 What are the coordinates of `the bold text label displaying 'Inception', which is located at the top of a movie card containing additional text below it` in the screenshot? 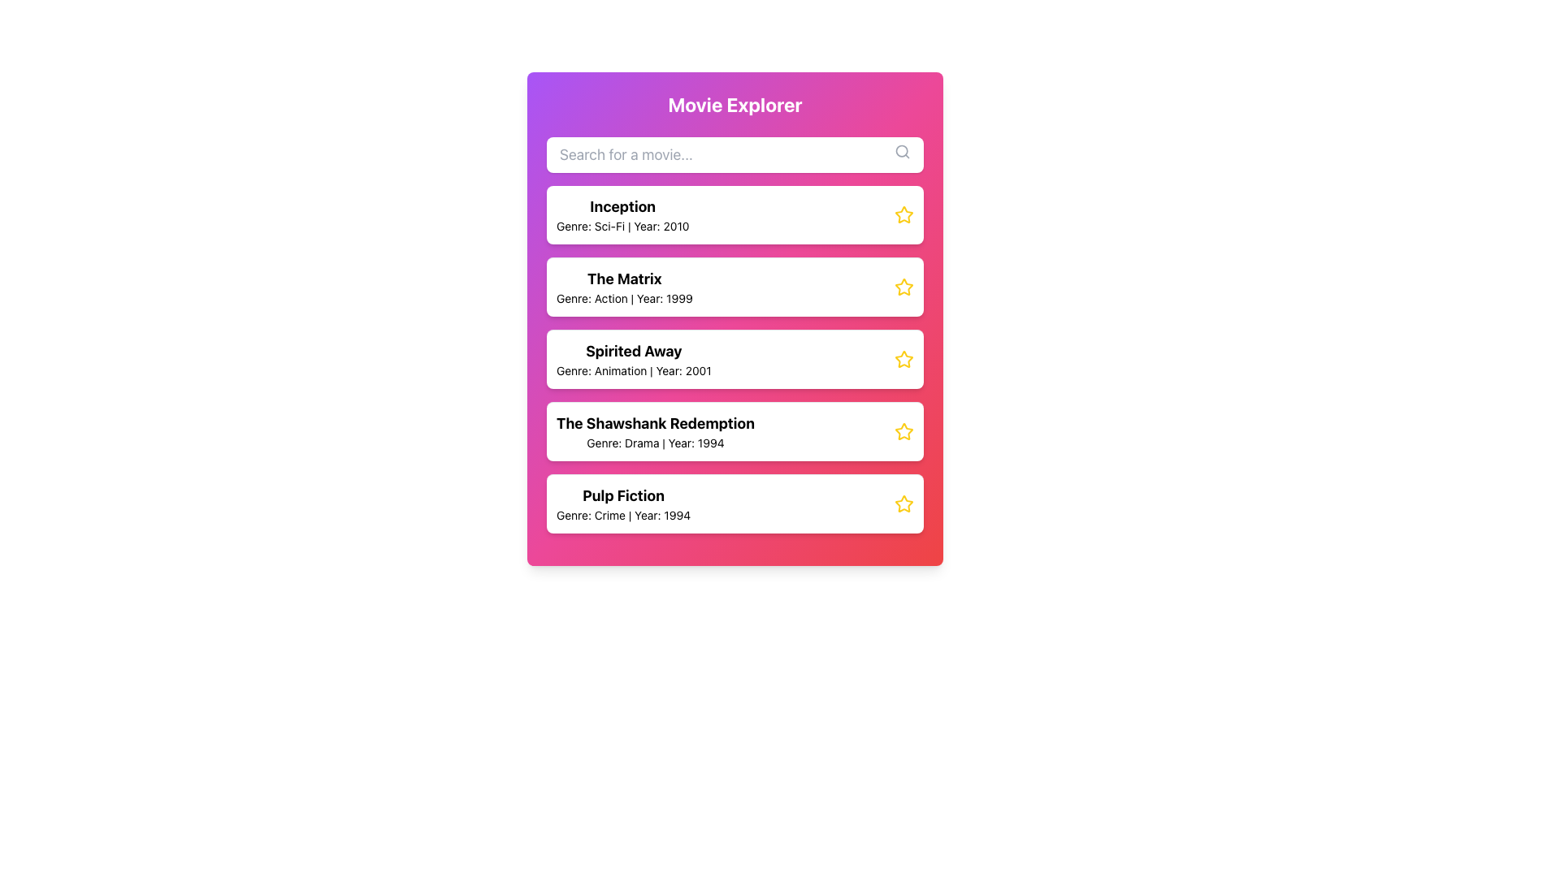 It's located at (622, 205).